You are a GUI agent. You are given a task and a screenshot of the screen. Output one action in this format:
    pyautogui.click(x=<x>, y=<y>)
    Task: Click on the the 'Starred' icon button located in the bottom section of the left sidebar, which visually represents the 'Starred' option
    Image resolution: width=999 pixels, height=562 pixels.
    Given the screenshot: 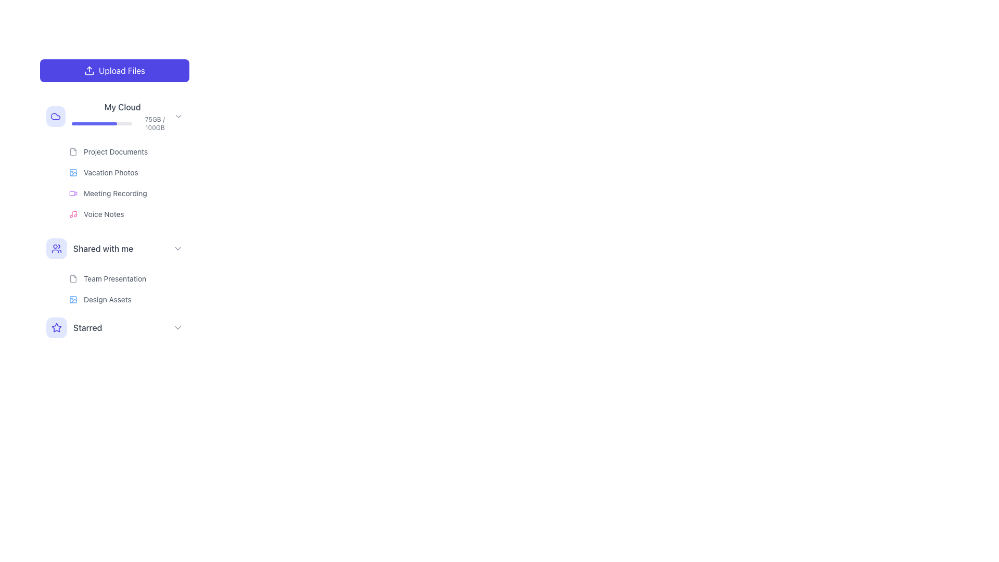 What is the action you would take?
    pyautogui.click(x=56, y=327)
    